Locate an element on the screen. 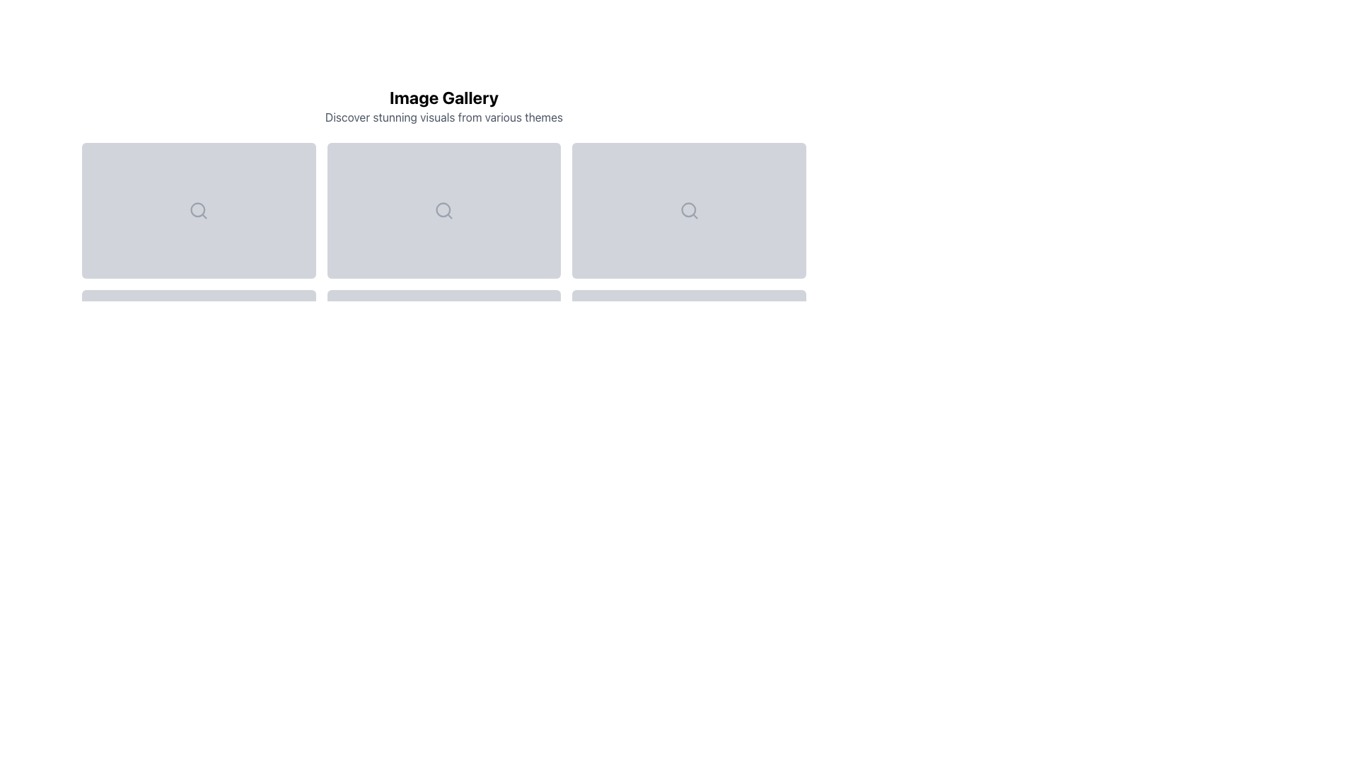 This screenshot has width=1358, height=764. the search icon component located within the first card of three horizontally arranged cards, indicating its functionality for search operations is located at coordinates (197, 209).